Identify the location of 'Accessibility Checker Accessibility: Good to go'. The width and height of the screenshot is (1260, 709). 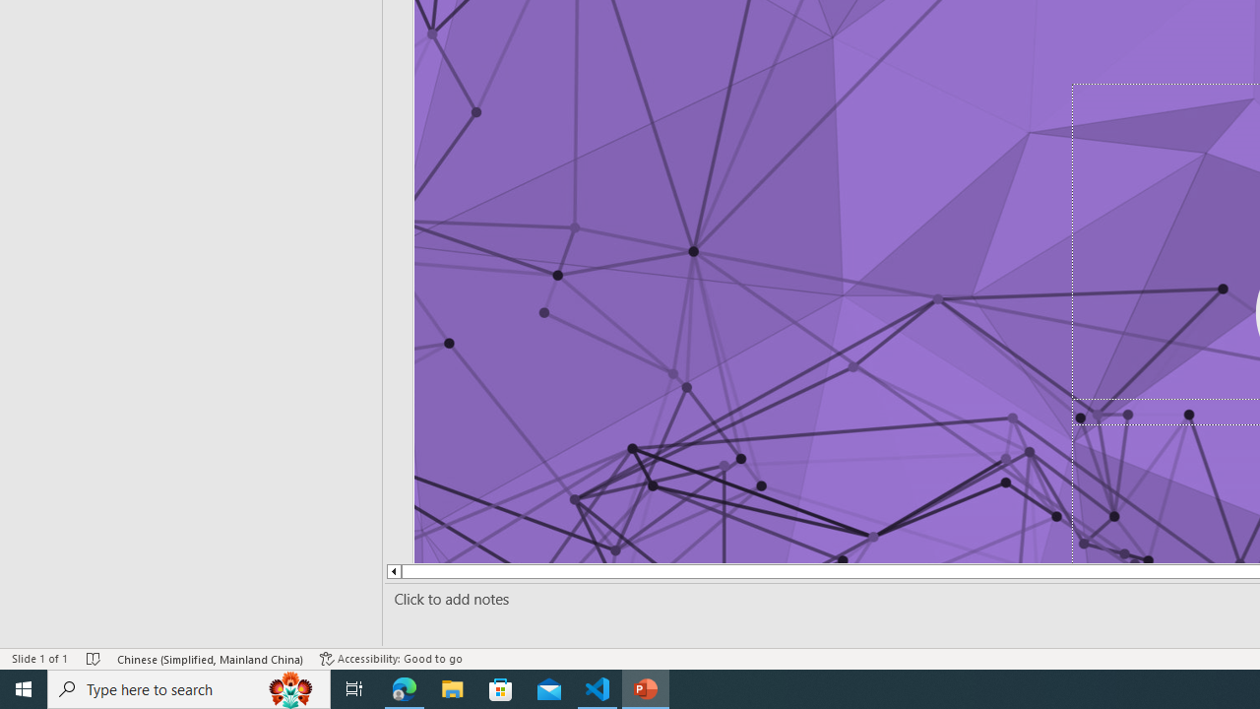
(391, 659).